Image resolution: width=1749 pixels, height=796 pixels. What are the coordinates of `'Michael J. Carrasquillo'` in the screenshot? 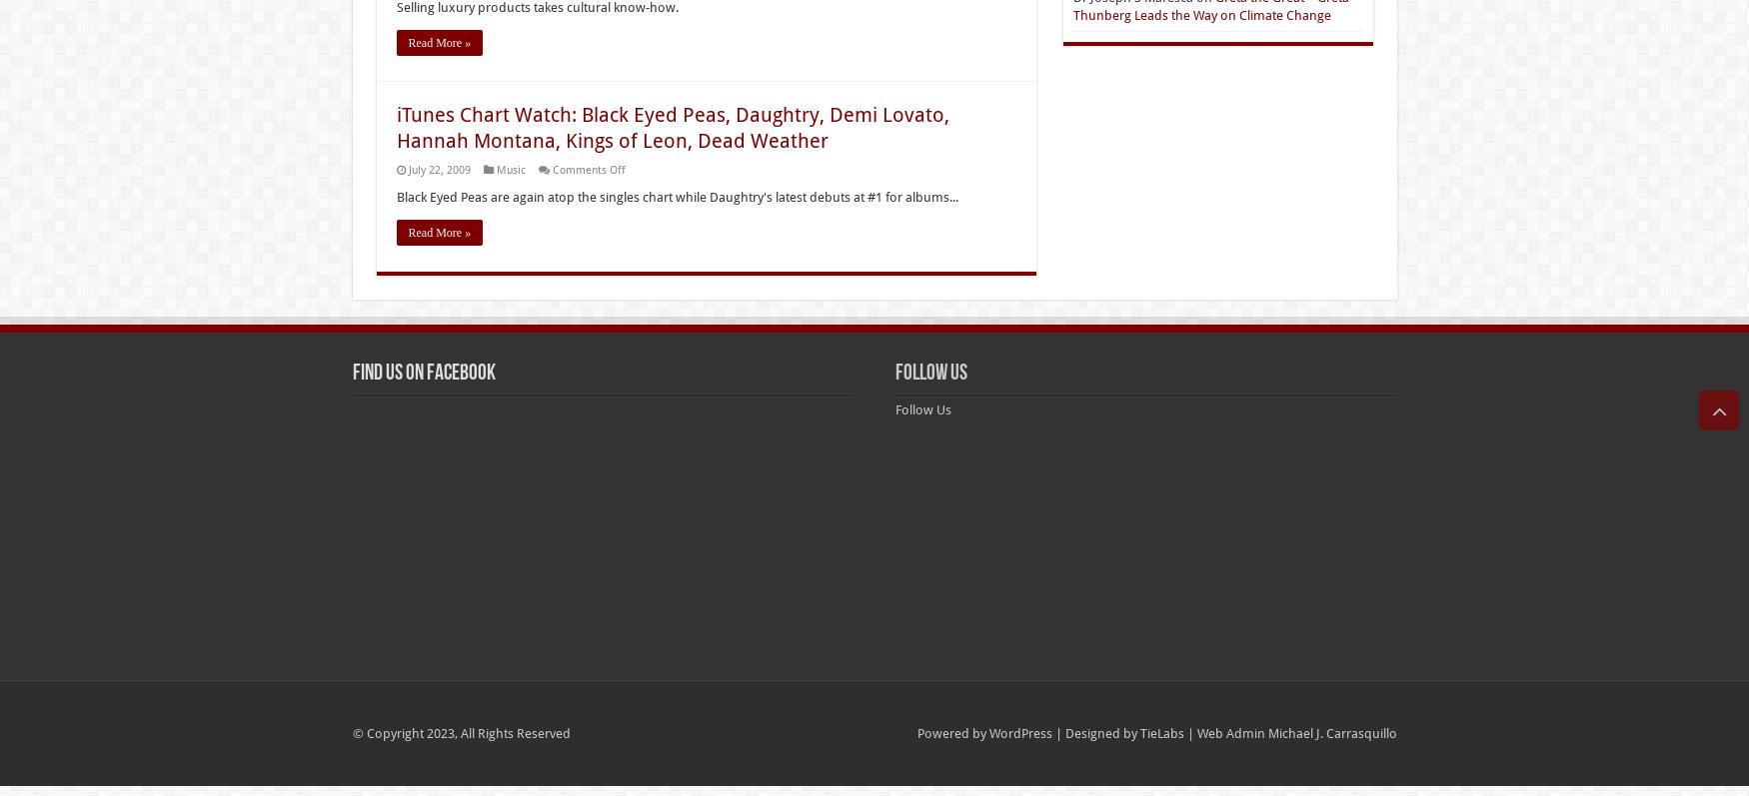 It's located at (1331, 733).